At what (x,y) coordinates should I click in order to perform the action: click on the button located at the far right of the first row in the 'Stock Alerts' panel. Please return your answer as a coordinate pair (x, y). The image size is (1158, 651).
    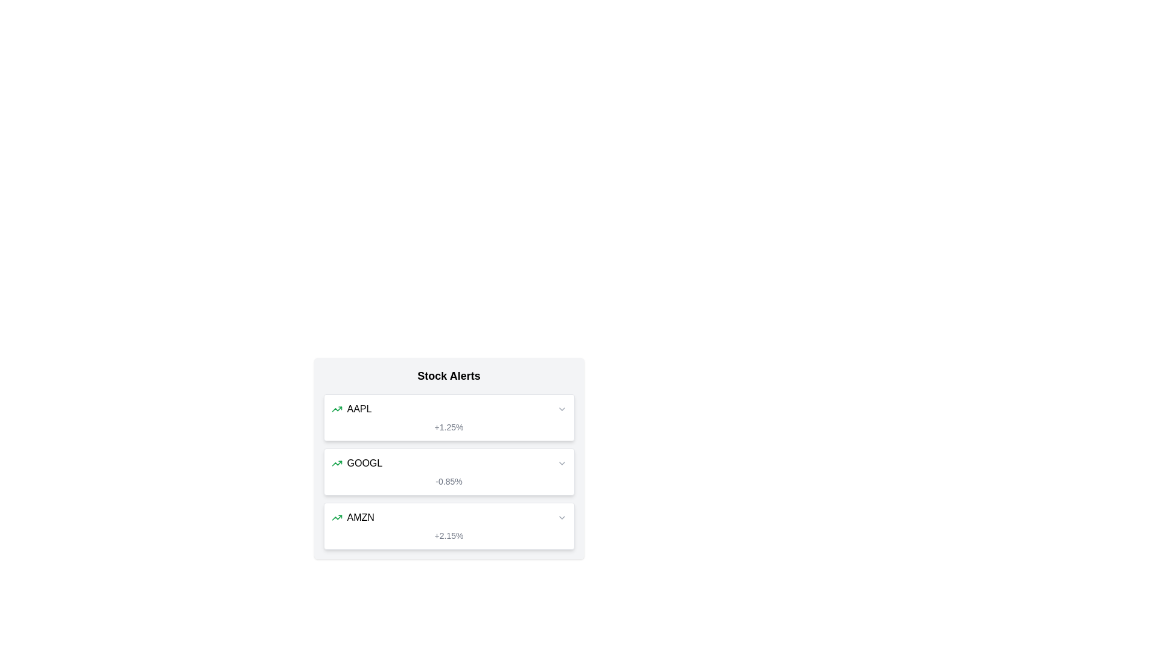
    Looking at the image, I should click on (561, 408).